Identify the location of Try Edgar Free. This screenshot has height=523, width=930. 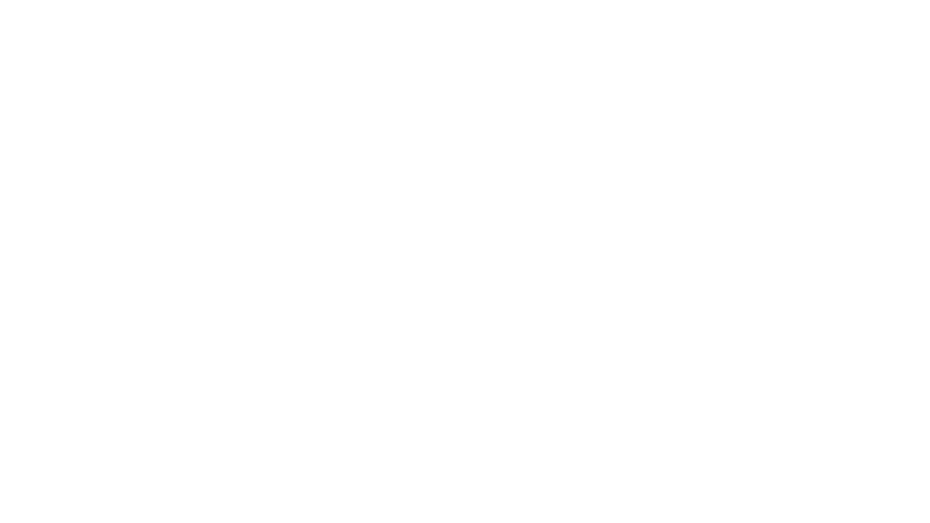
(706, 27).